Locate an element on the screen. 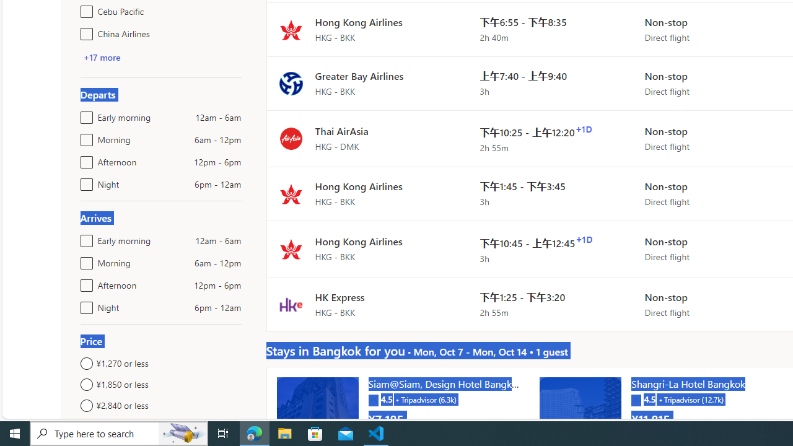 The height and width of the screenshot is (446, 793). 'Tripadvisor' is located at coordinates (636, 399).